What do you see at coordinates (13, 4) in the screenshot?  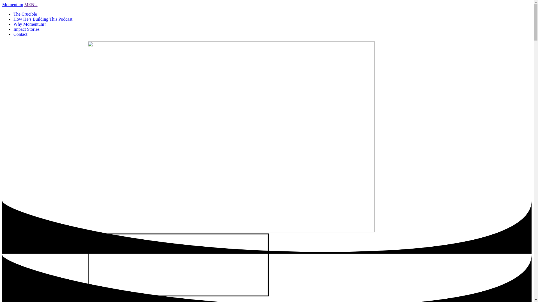 I see `'Momentum'` at bounding box center [13, 4].